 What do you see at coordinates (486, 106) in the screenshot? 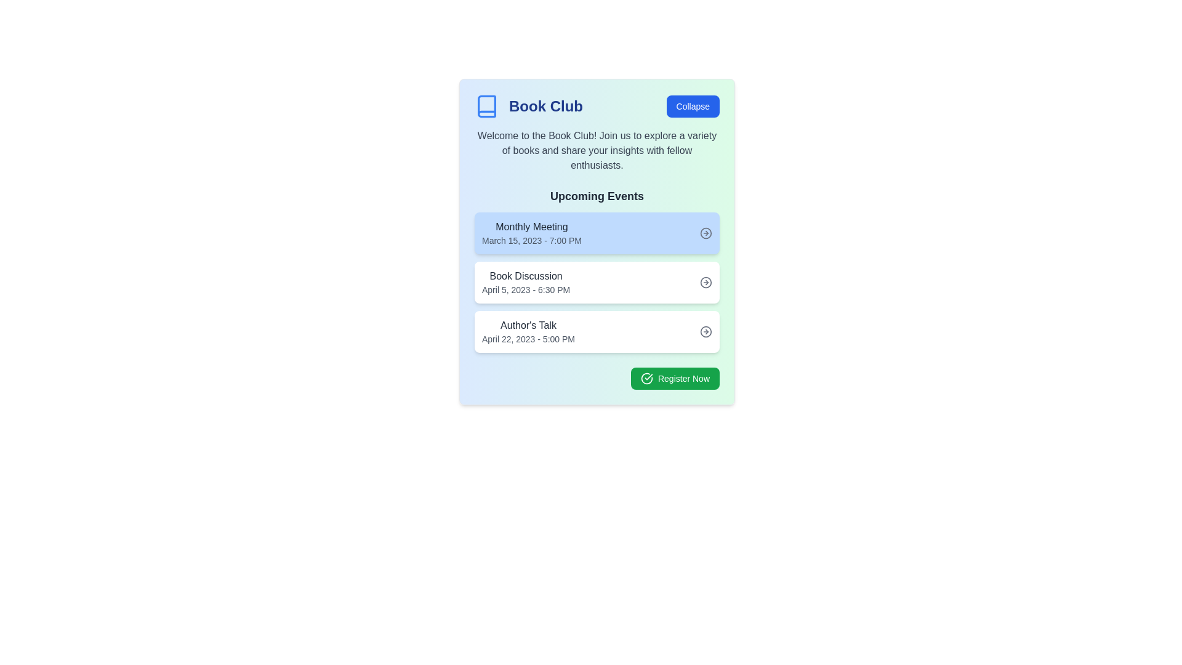
I see `the bright blue stylized book SVG icon located at the top-left corner of the 'Book Club' card, preceding the 'Book Club' text` at bounding box center [486, 106].